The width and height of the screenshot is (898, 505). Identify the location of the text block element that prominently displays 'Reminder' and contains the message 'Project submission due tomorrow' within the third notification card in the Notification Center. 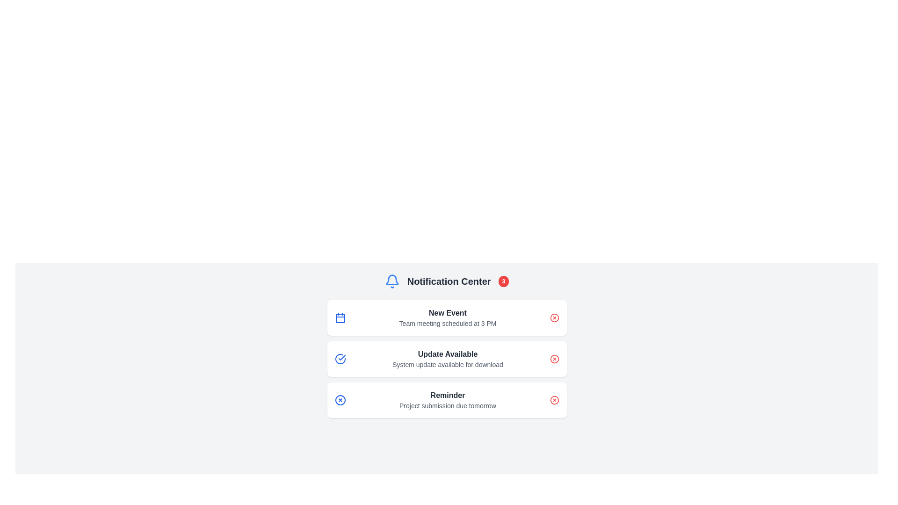
(447, 400).